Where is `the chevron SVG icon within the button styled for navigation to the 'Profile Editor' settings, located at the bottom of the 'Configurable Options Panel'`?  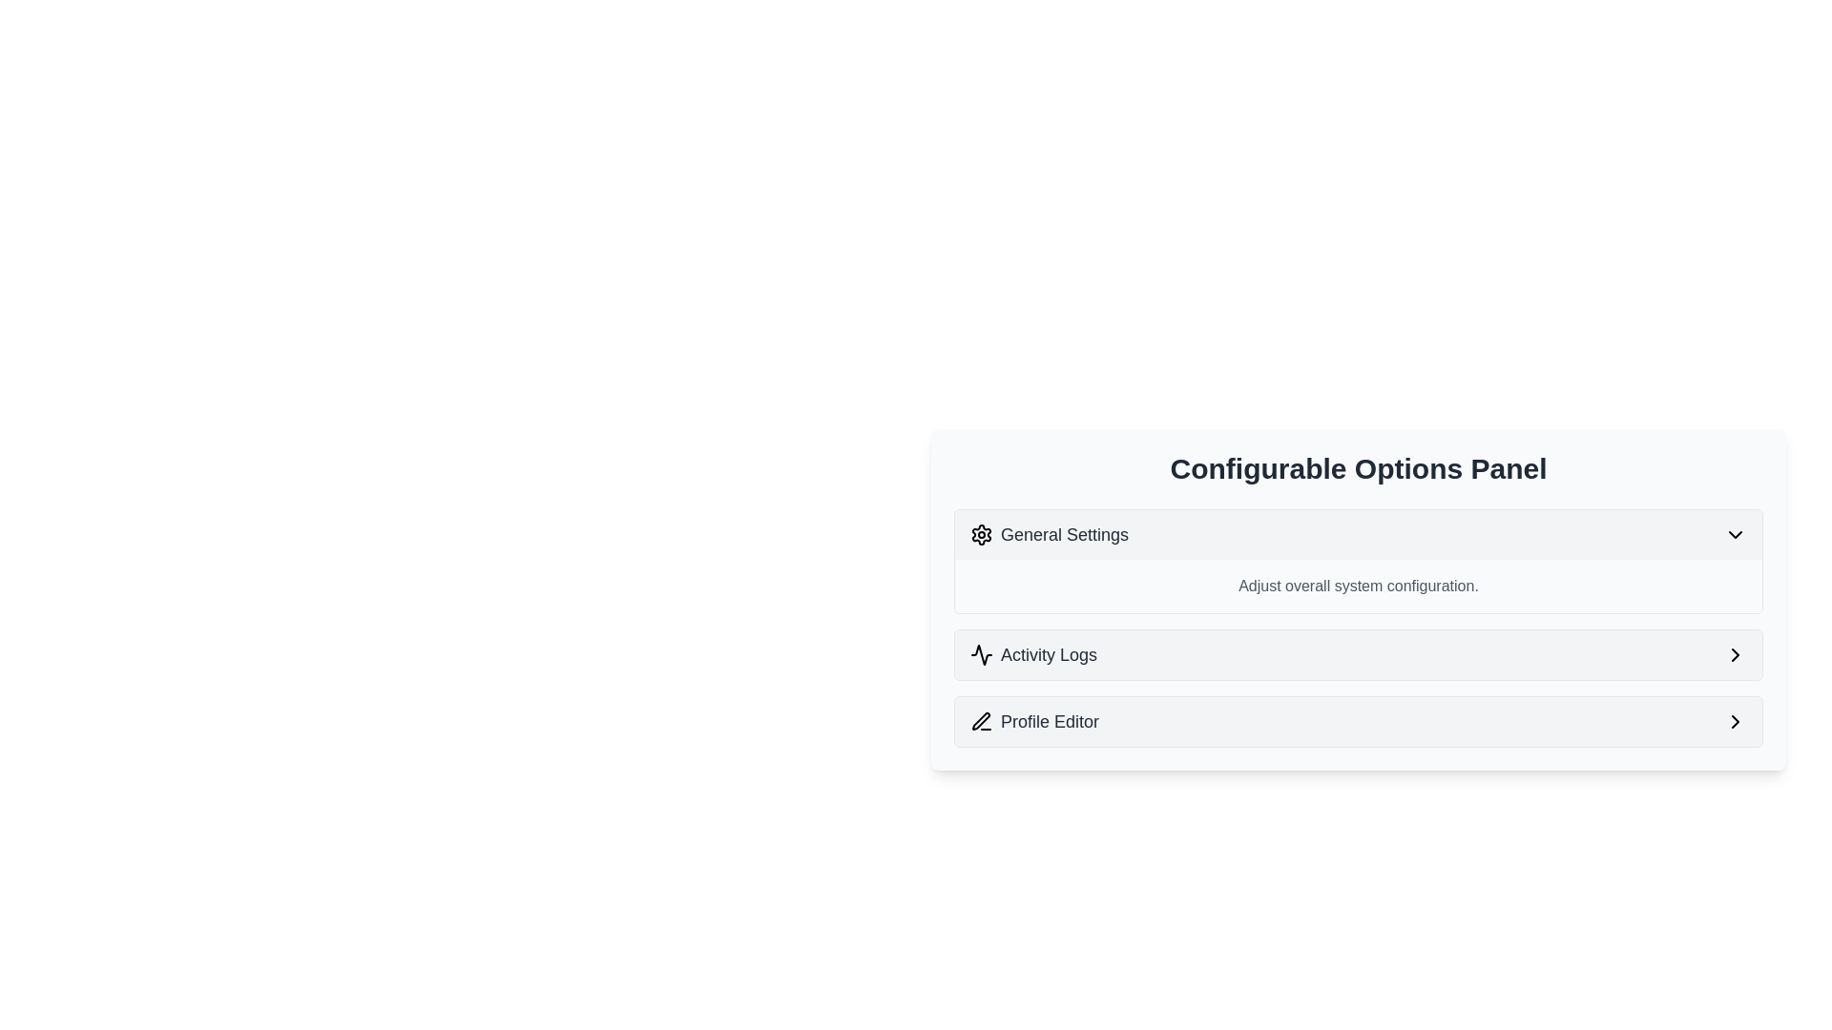 the chevron SVG icon within the button styled for navigation to the 'Profile Editor' settings, located at the bottom of the 'Configurable Options Panel' is located at coordinates (1736, 653).